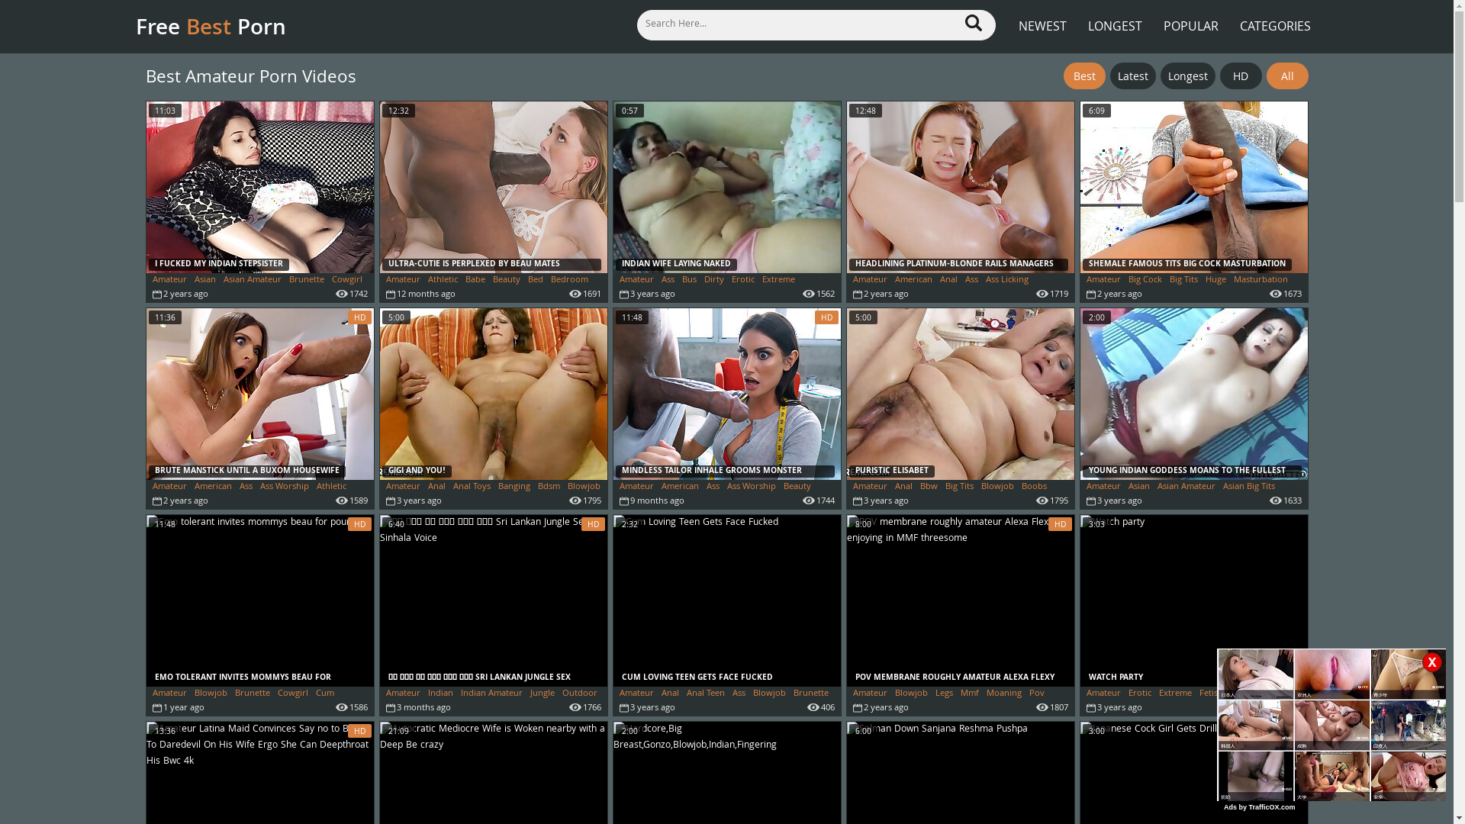  What do you see at coordinates (970, 280) in the screenshot?
I see `'Ass'` at bounding box center [970, 280].